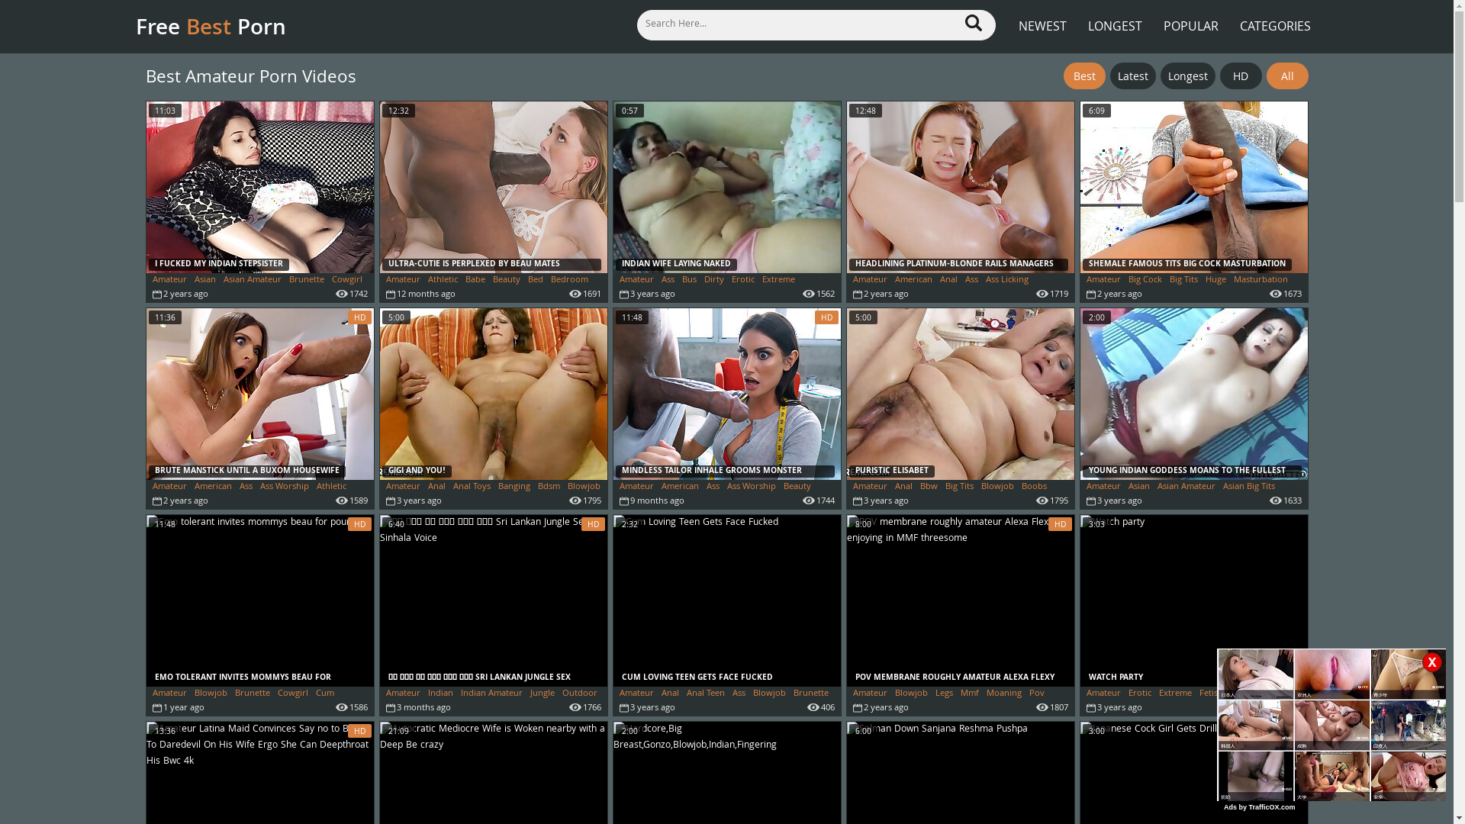  What do you see at coordinates (970, 280) in the screenshot?
I see `'Ass'` at bounding box center [970, 280].